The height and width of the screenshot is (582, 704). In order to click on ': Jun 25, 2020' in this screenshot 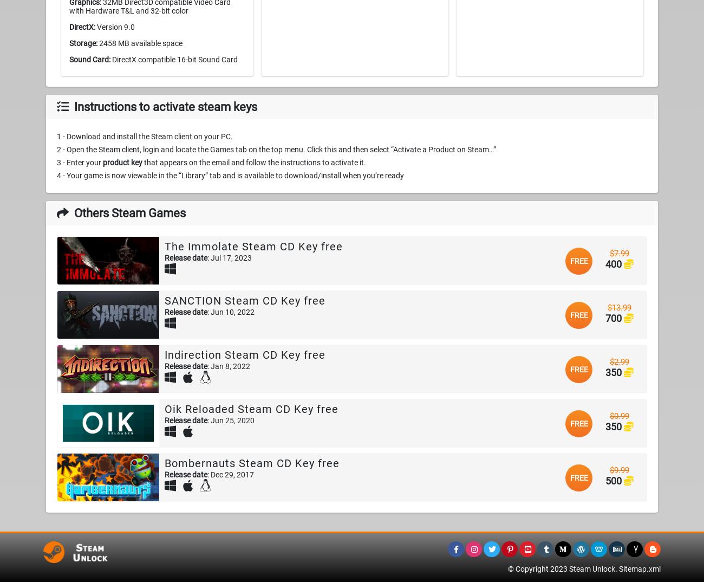, I will do `click(231, 419)`.